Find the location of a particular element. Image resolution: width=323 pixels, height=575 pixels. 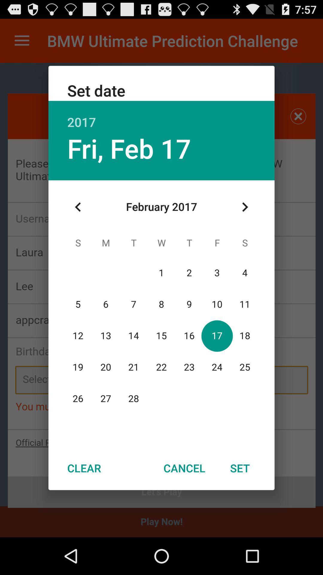

the 2017 item is located at coordinates (161, 116).